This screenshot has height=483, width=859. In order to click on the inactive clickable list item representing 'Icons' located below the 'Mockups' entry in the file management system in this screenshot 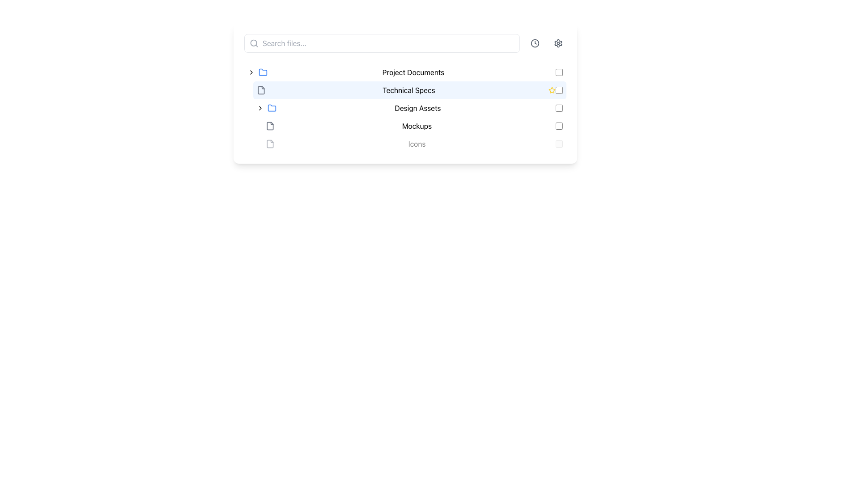, I will do `click(414, 143)`.